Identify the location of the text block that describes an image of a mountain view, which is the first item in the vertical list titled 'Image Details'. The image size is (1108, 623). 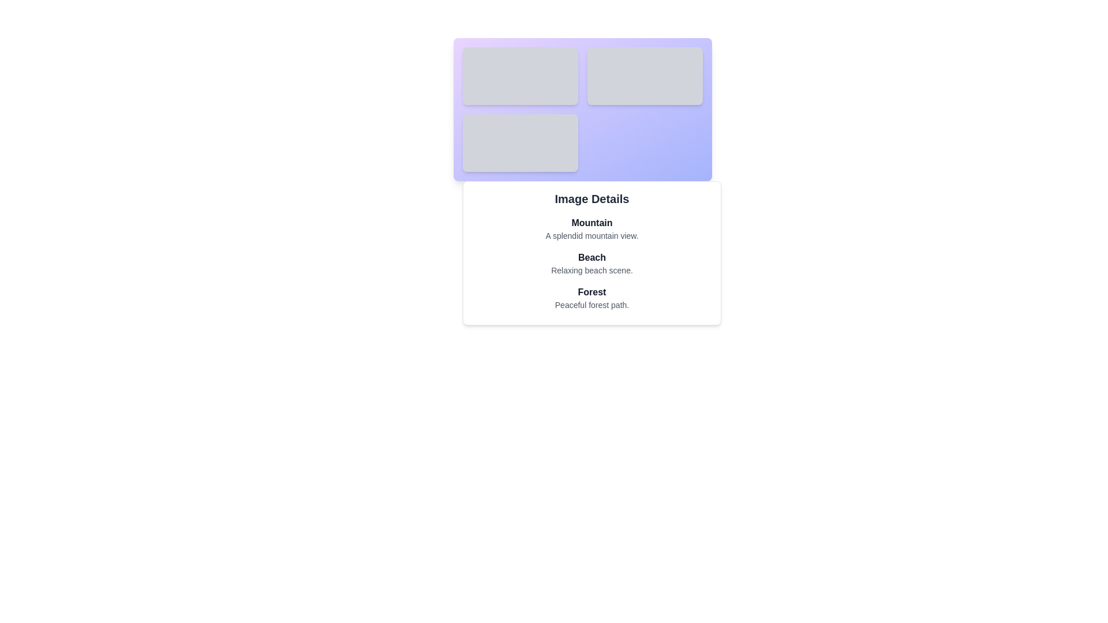
(592, 229).